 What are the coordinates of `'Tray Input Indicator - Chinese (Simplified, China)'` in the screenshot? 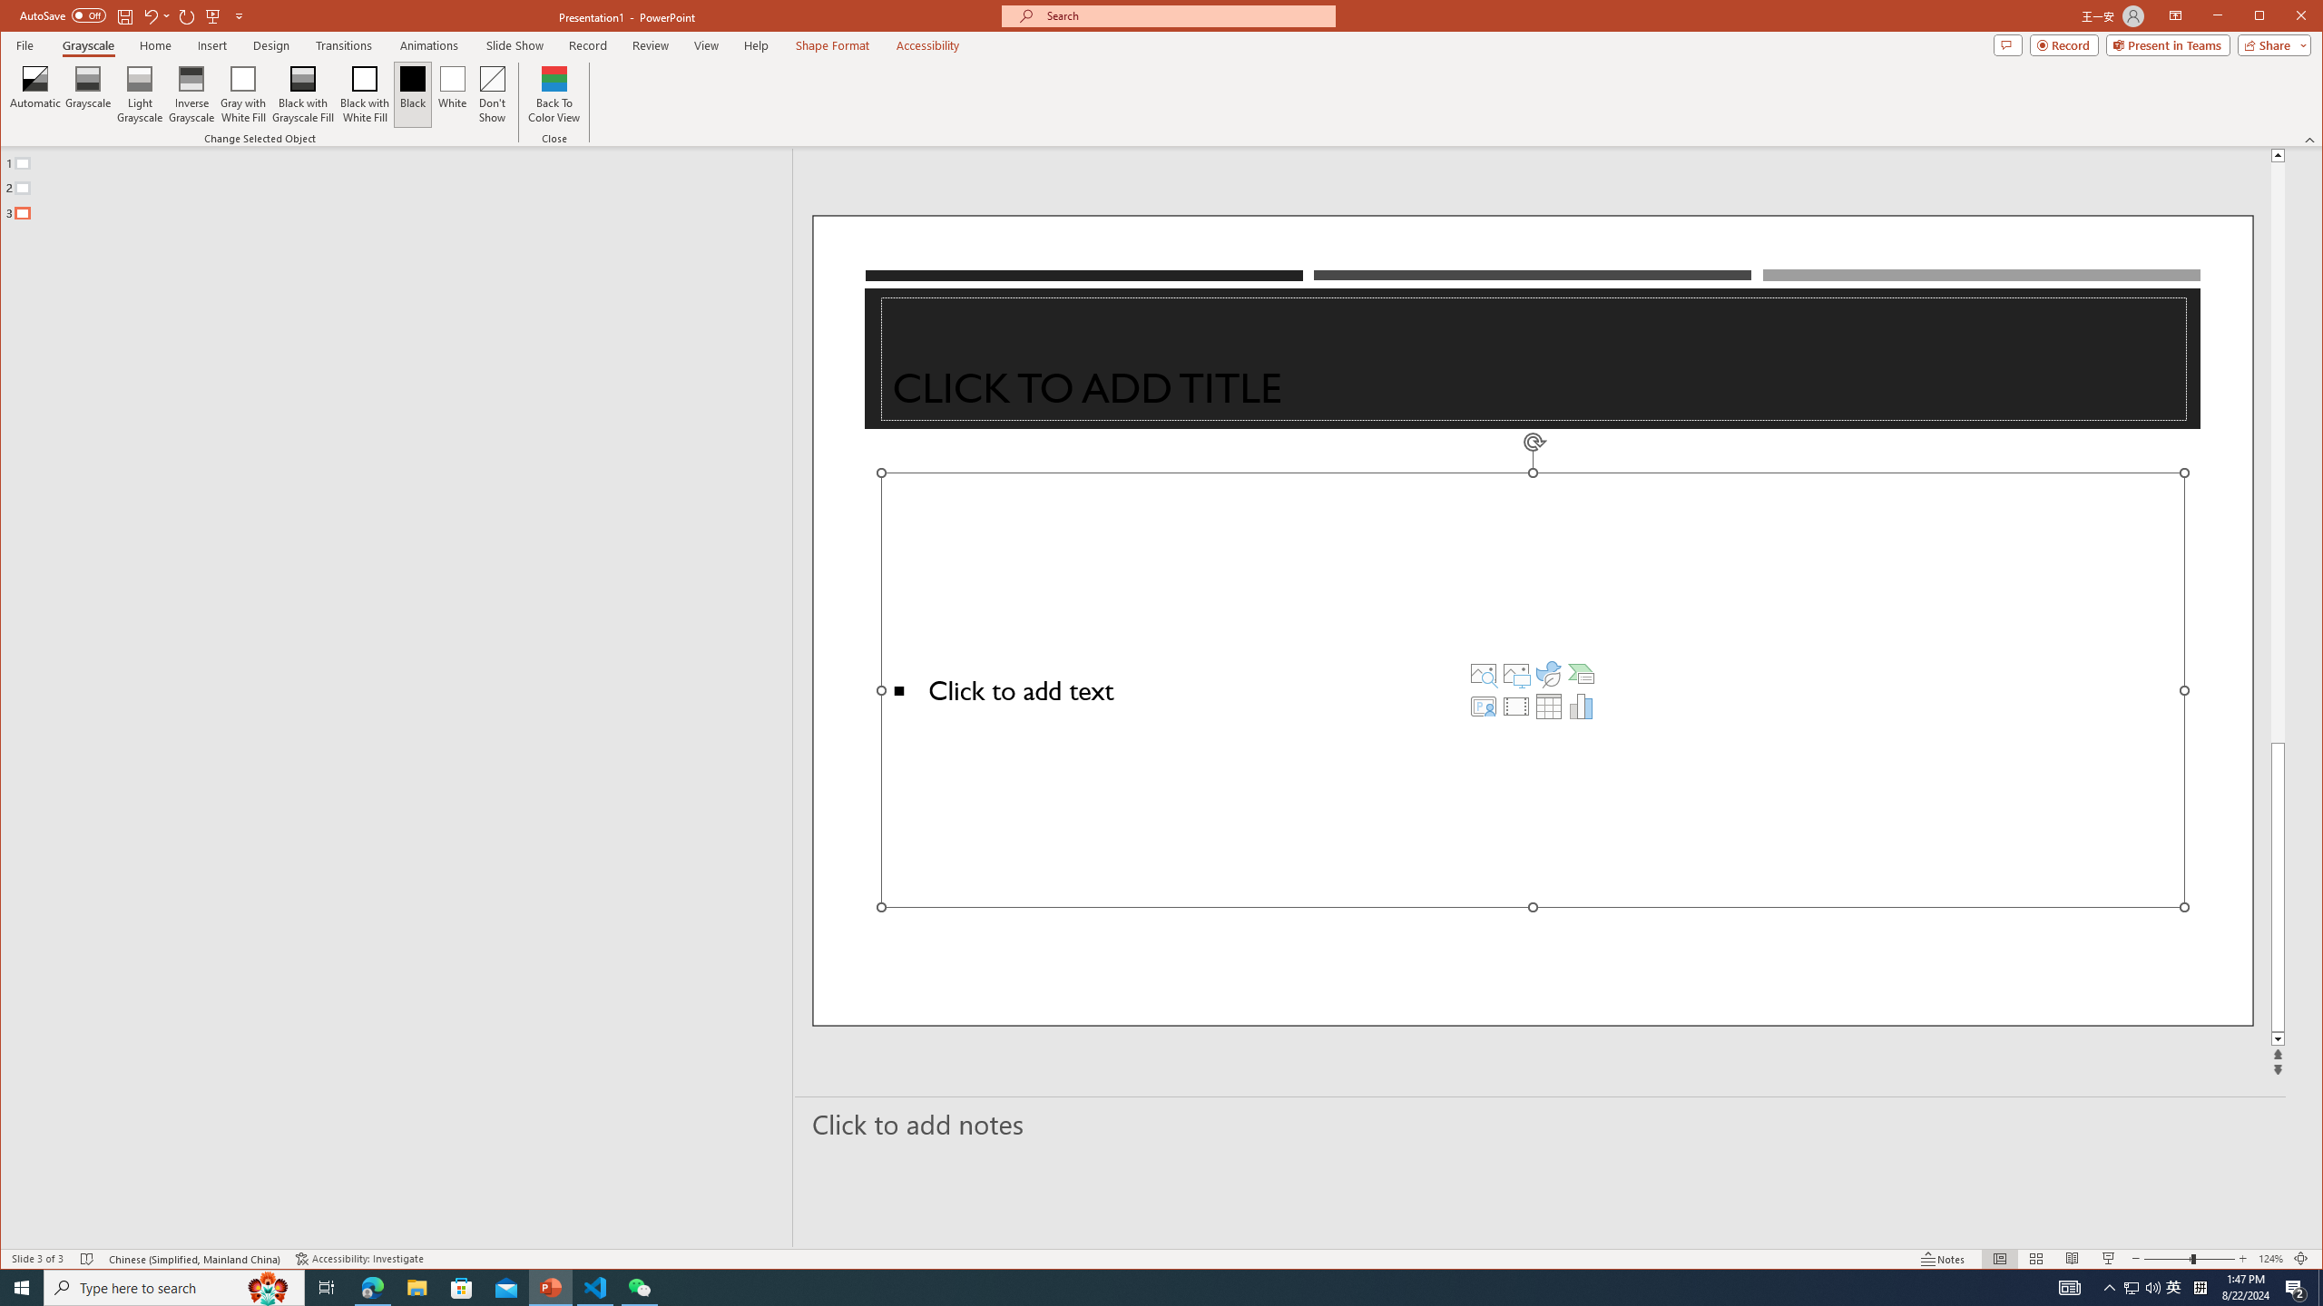 It's located at (2200, 1286).